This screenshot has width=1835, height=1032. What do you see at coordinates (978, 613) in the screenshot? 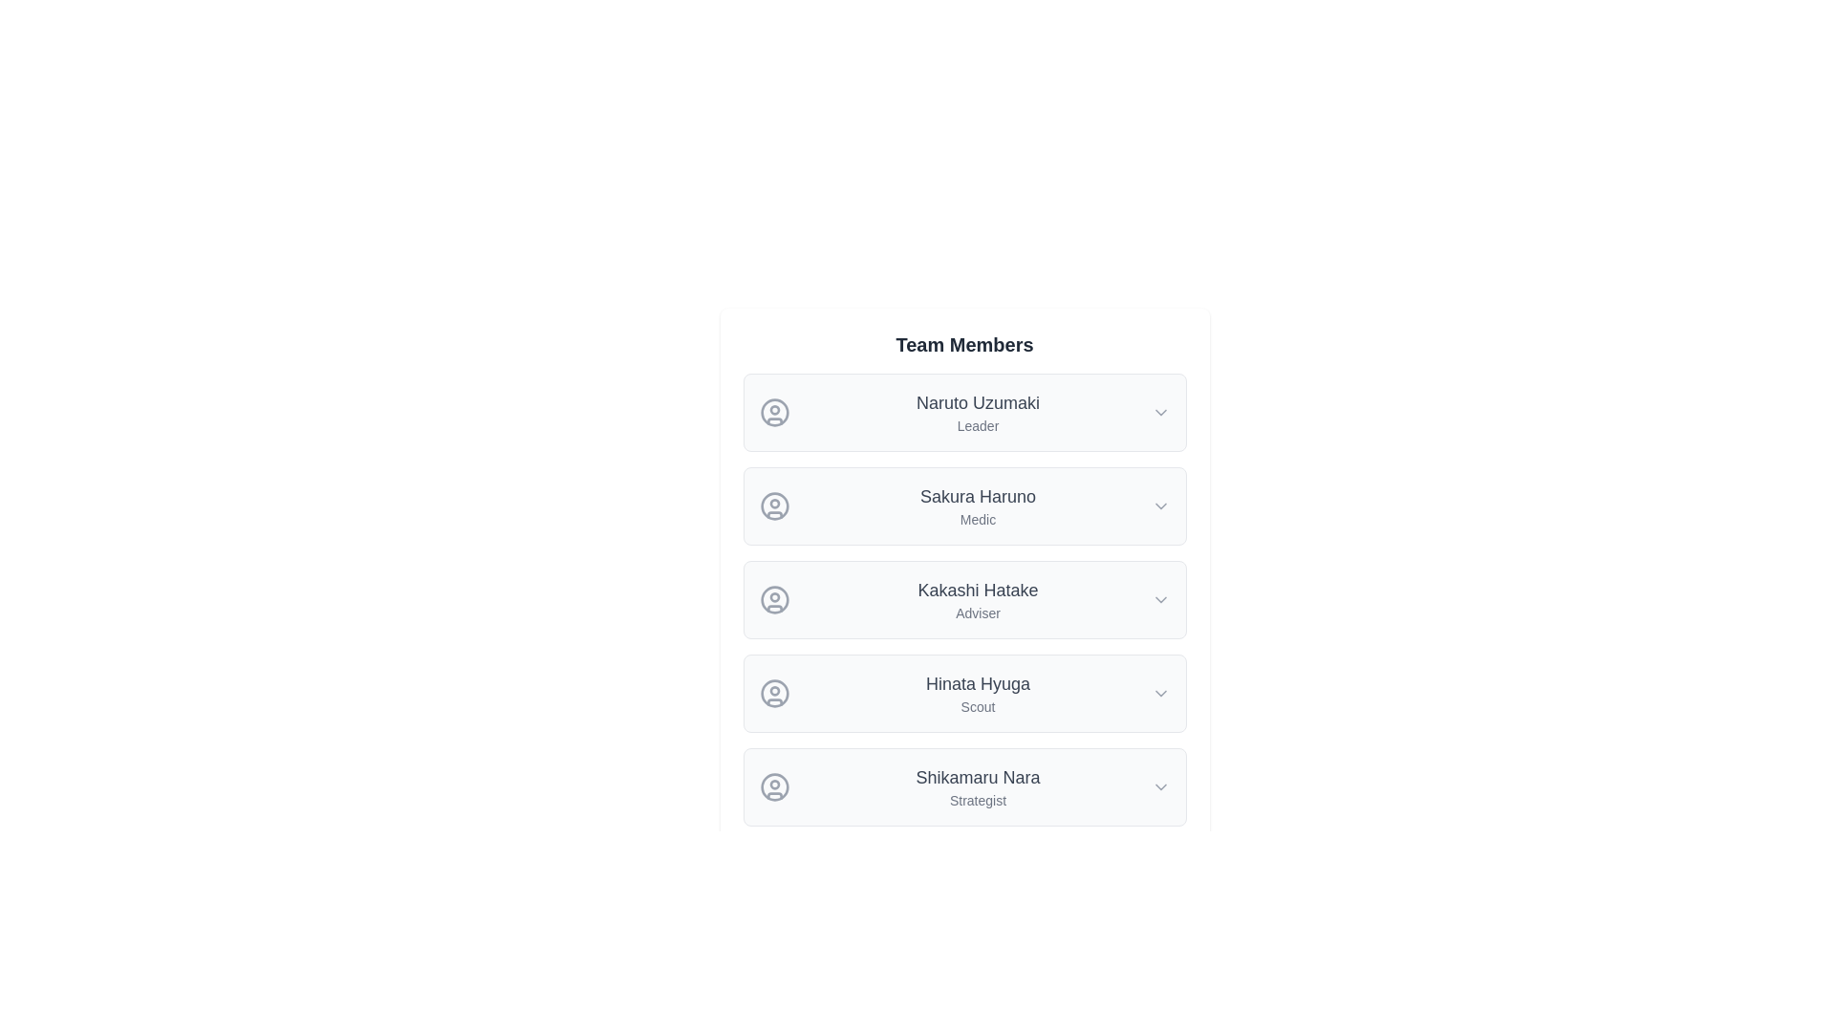
I see `the static text label reading 'Adviser', which is styled in a smaller font size and gray color, positioned immediately below 'Kakashi Hatake'` at bounding box center [978, 613].